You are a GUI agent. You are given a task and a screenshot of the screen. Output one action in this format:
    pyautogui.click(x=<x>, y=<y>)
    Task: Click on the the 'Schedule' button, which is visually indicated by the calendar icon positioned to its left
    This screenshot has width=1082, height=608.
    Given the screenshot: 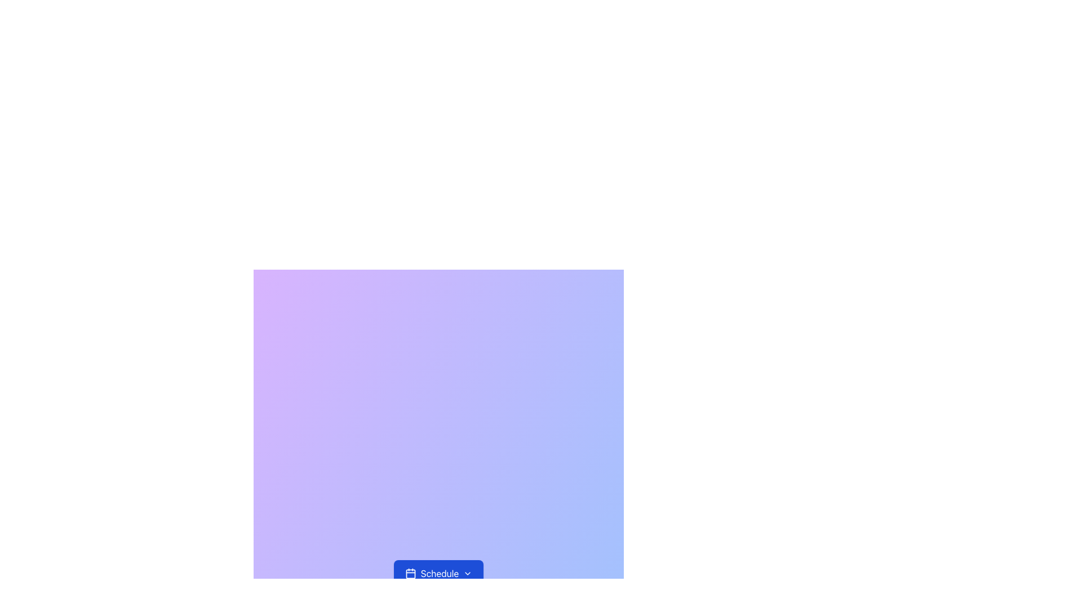 What is the action you would take?
    pyautogui.click(x=410, y=573)
    